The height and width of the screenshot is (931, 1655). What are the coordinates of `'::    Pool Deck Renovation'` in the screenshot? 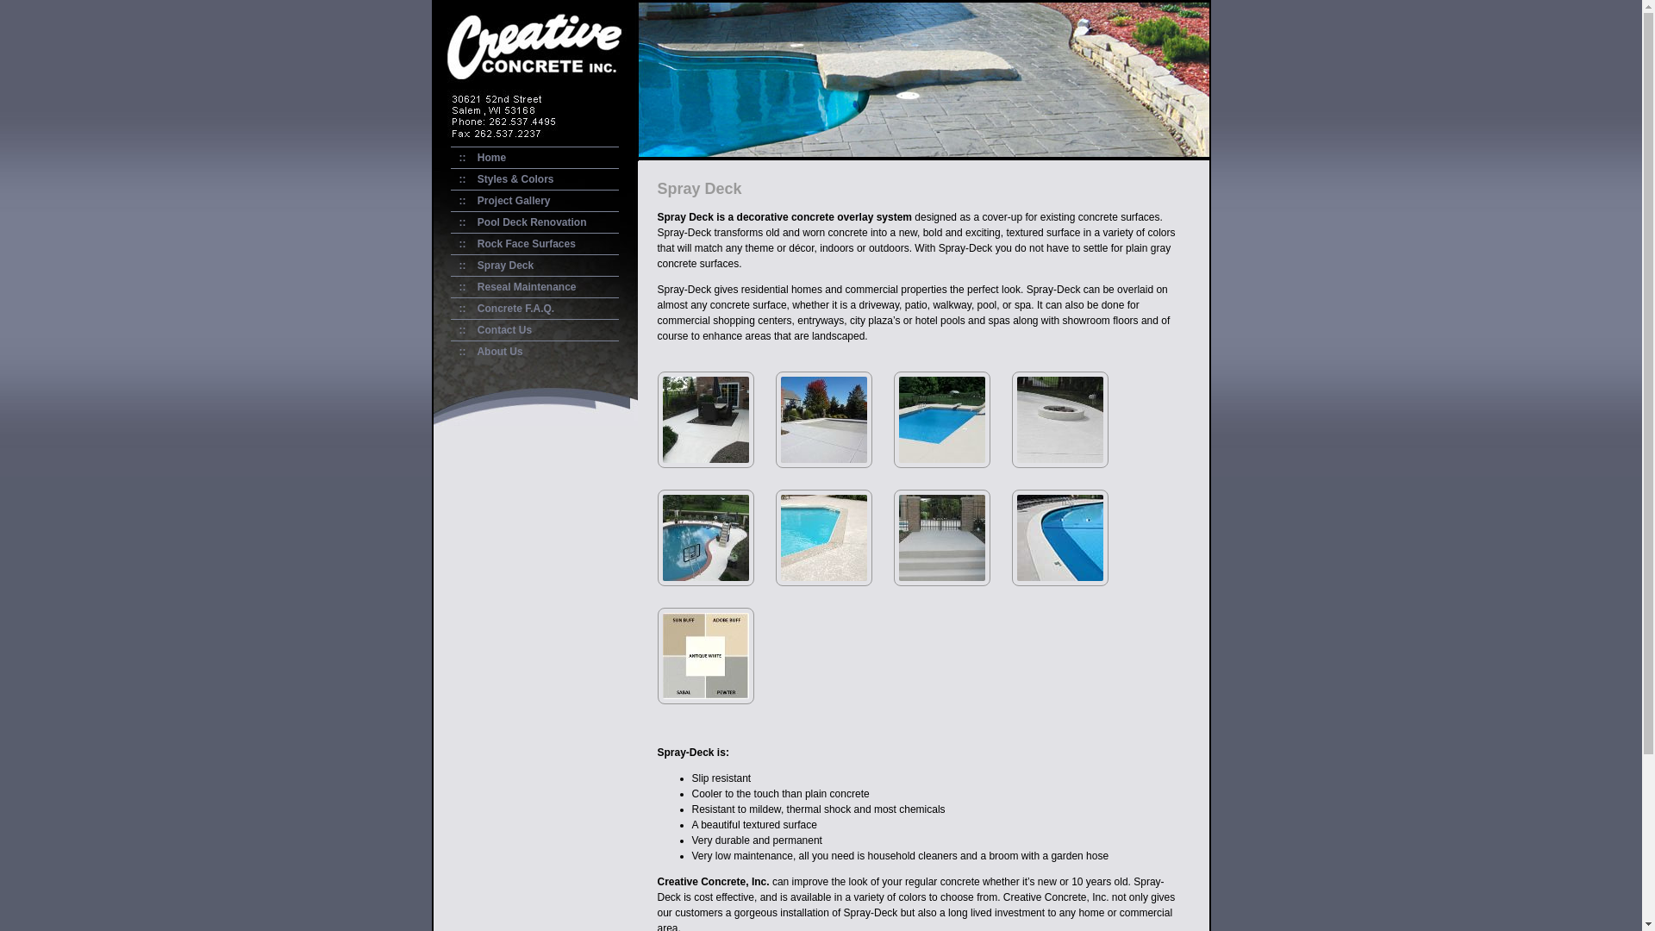 It's located at (450, 222).